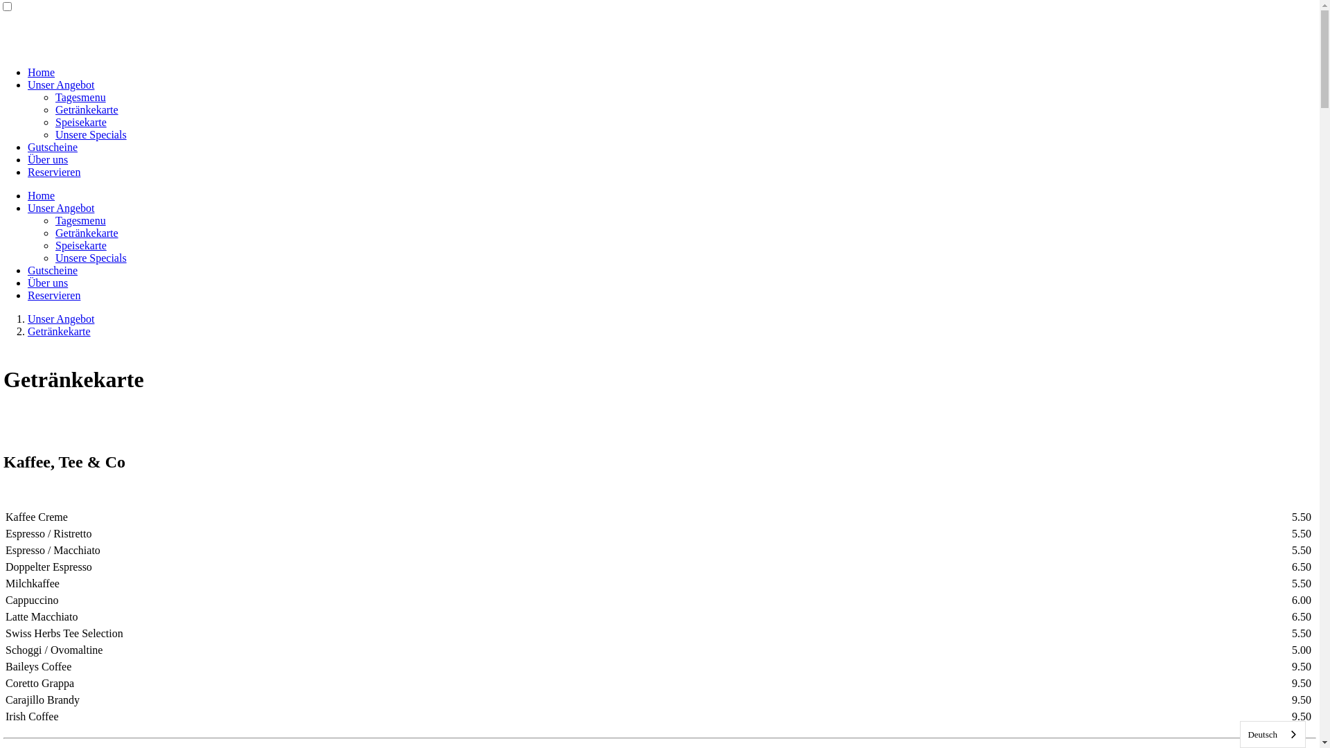 This screenshot has height=748, width=1330. What do you see at coordinates (53, 270) in the screenshot?
I see `'Gutscheine'` at bounding box center [53, 270].